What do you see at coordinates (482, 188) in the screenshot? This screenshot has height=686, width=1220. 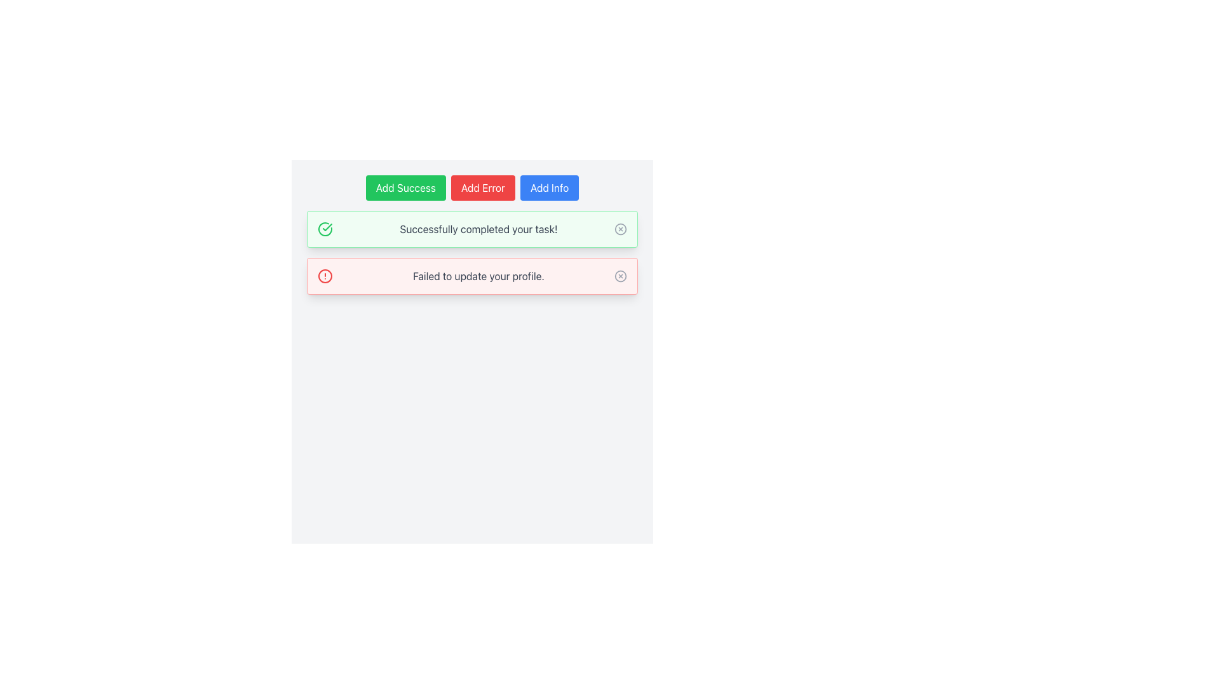 I see `the red 'Add Error' button with white text, which is the second button in a group of three located at the top middle of the UI` at bounding box center [482, 188].